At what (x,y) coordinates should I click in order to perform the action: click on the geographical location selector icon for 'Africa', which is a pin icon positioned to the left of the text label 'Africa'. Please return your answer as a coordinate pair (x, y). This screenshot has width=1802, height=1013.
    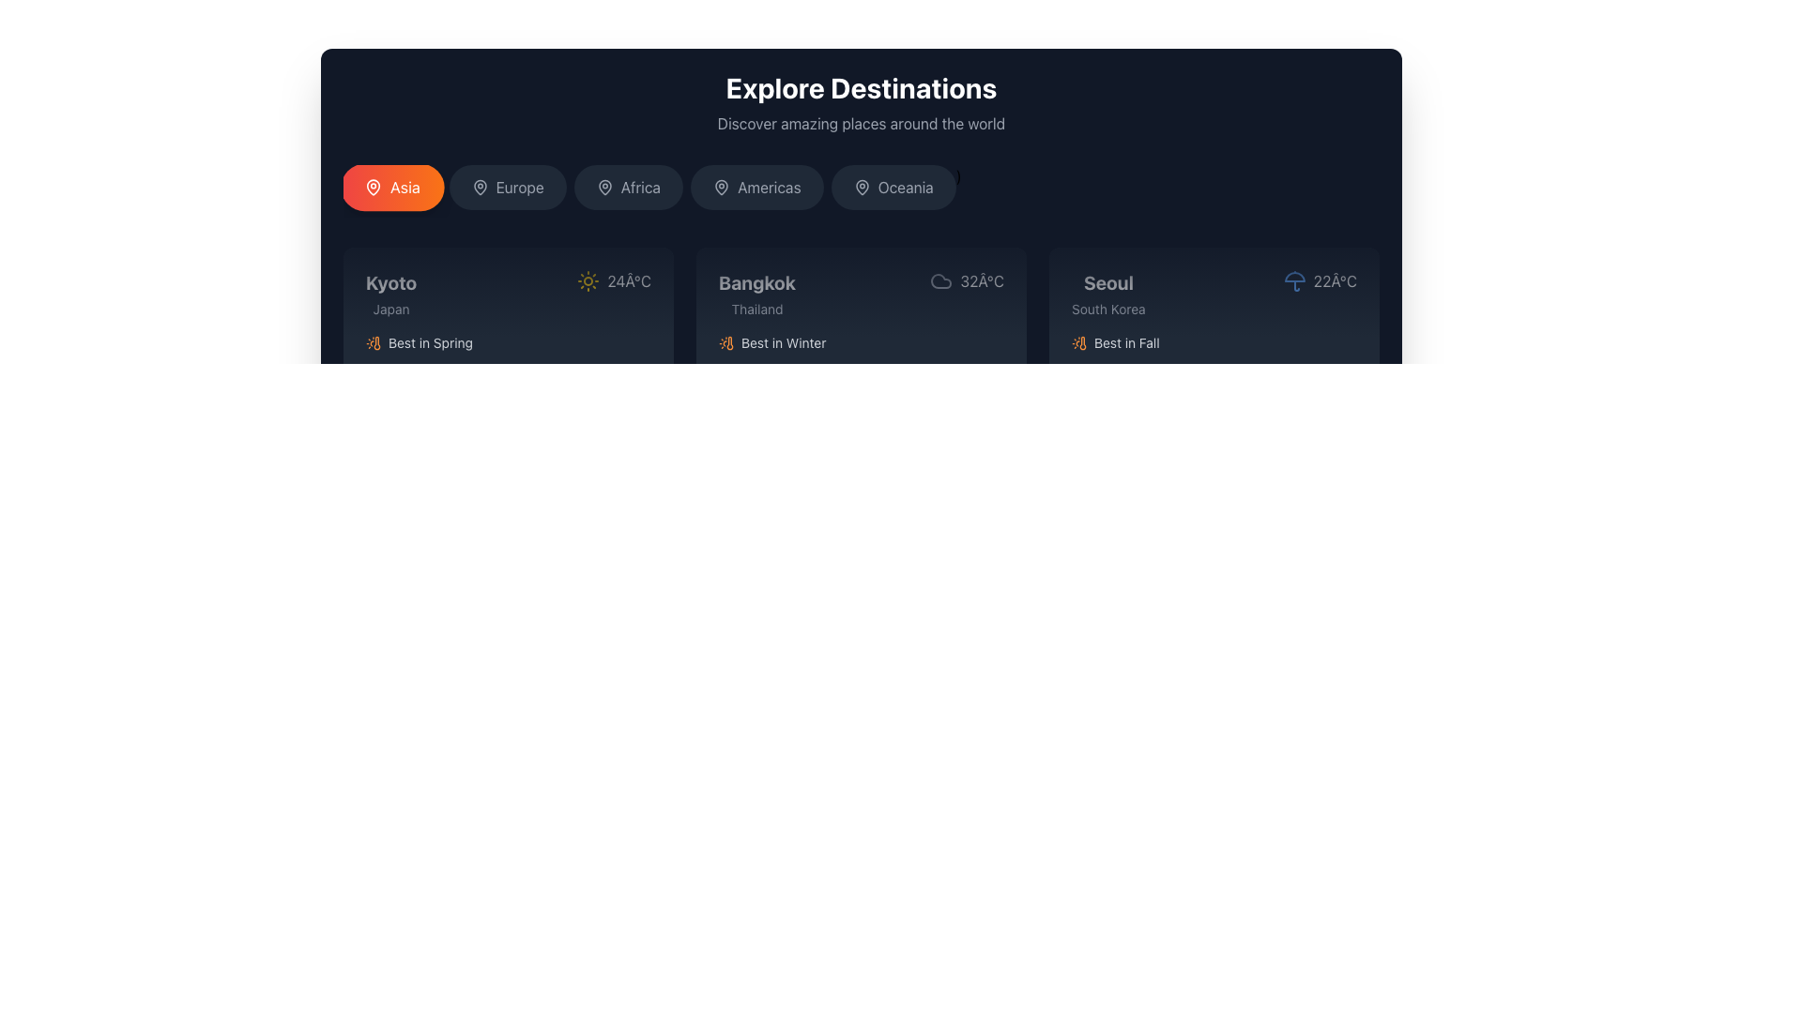
    Looking at the image, I should click on (604, 188).